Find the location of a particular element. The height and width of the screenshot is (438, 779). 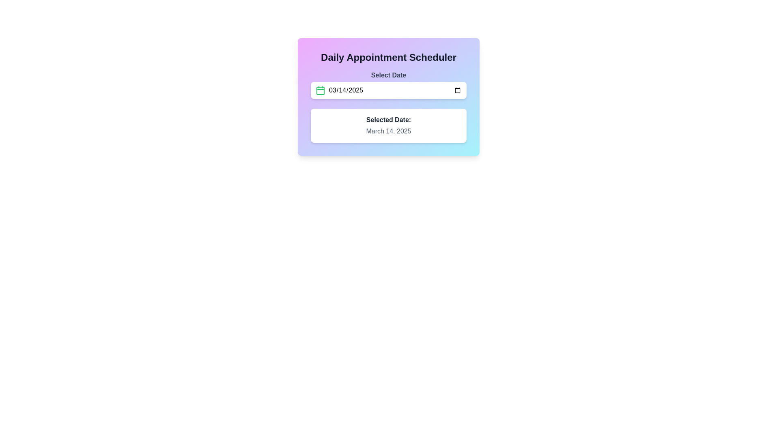

the static text label reading 'Selected Date:' which is prominently displayed in dark gray above the date 'March 14, 2025' is located at coordinates (388, 120).